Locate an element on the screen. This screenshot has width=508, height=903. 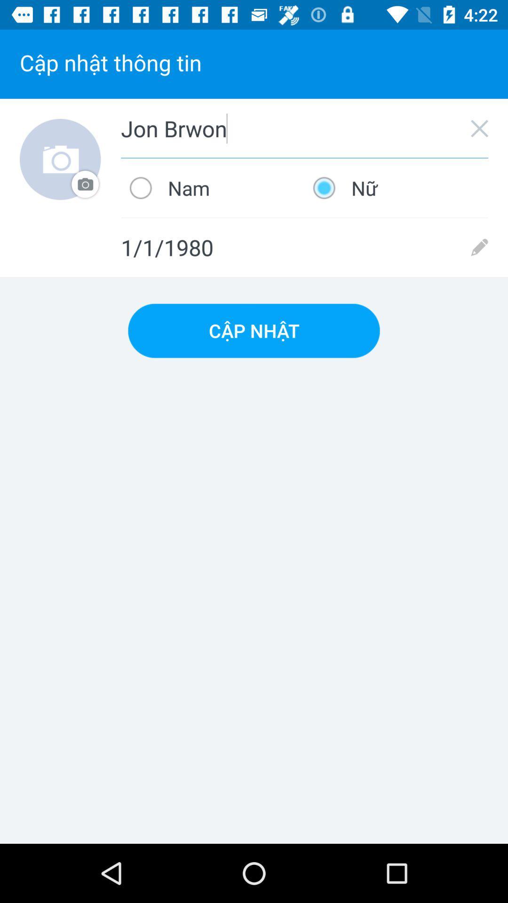
the item below jon brwon icon is located at coordinates (396, 188).